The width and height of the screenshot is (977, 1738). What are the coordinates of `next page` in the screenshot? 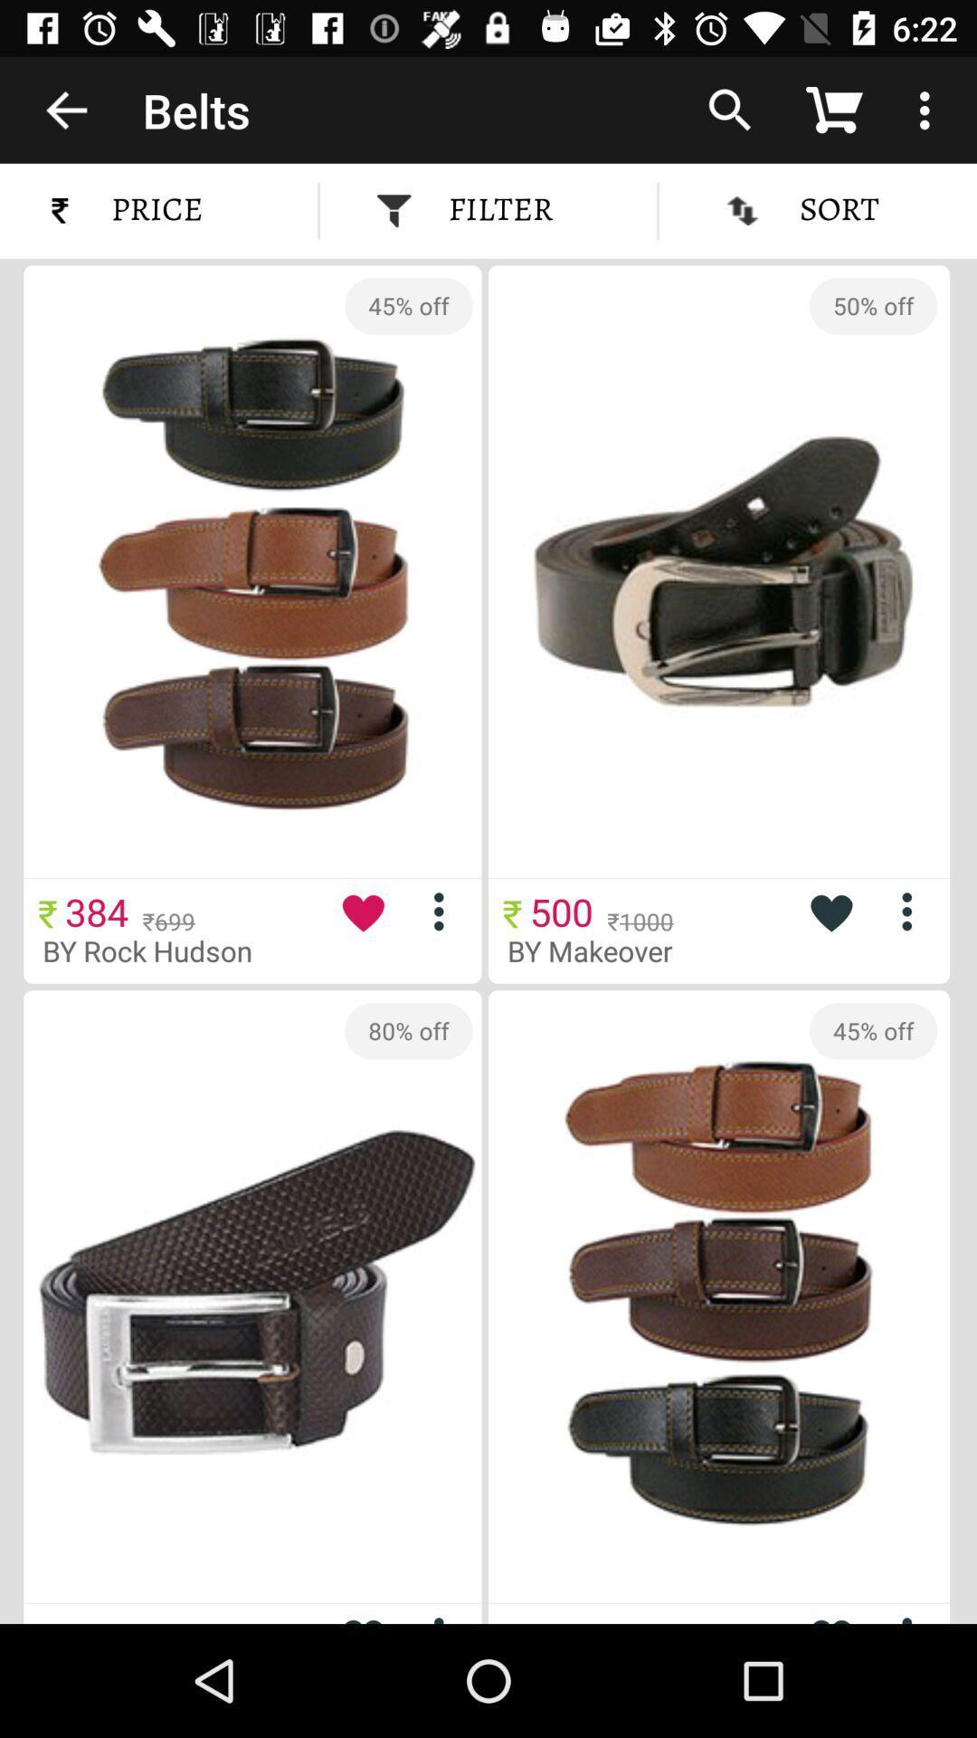 It's located at (446, 1616).